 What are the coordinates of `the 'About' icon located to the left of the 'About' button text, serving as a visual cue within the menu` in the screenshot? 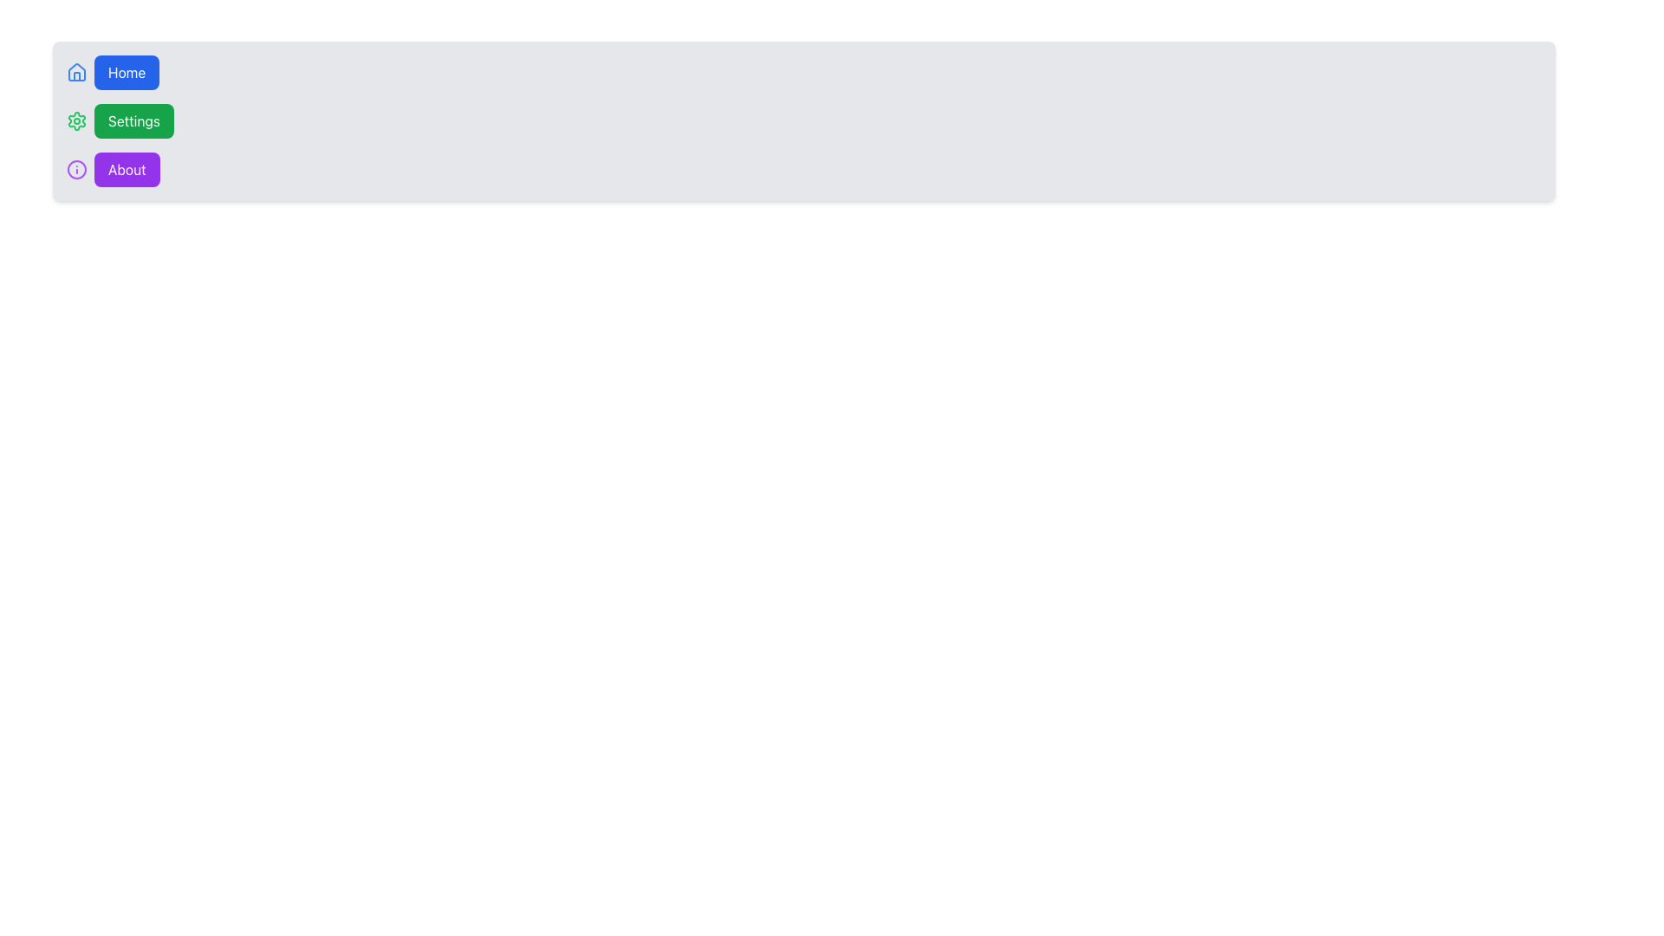 It's located at (76, 170).